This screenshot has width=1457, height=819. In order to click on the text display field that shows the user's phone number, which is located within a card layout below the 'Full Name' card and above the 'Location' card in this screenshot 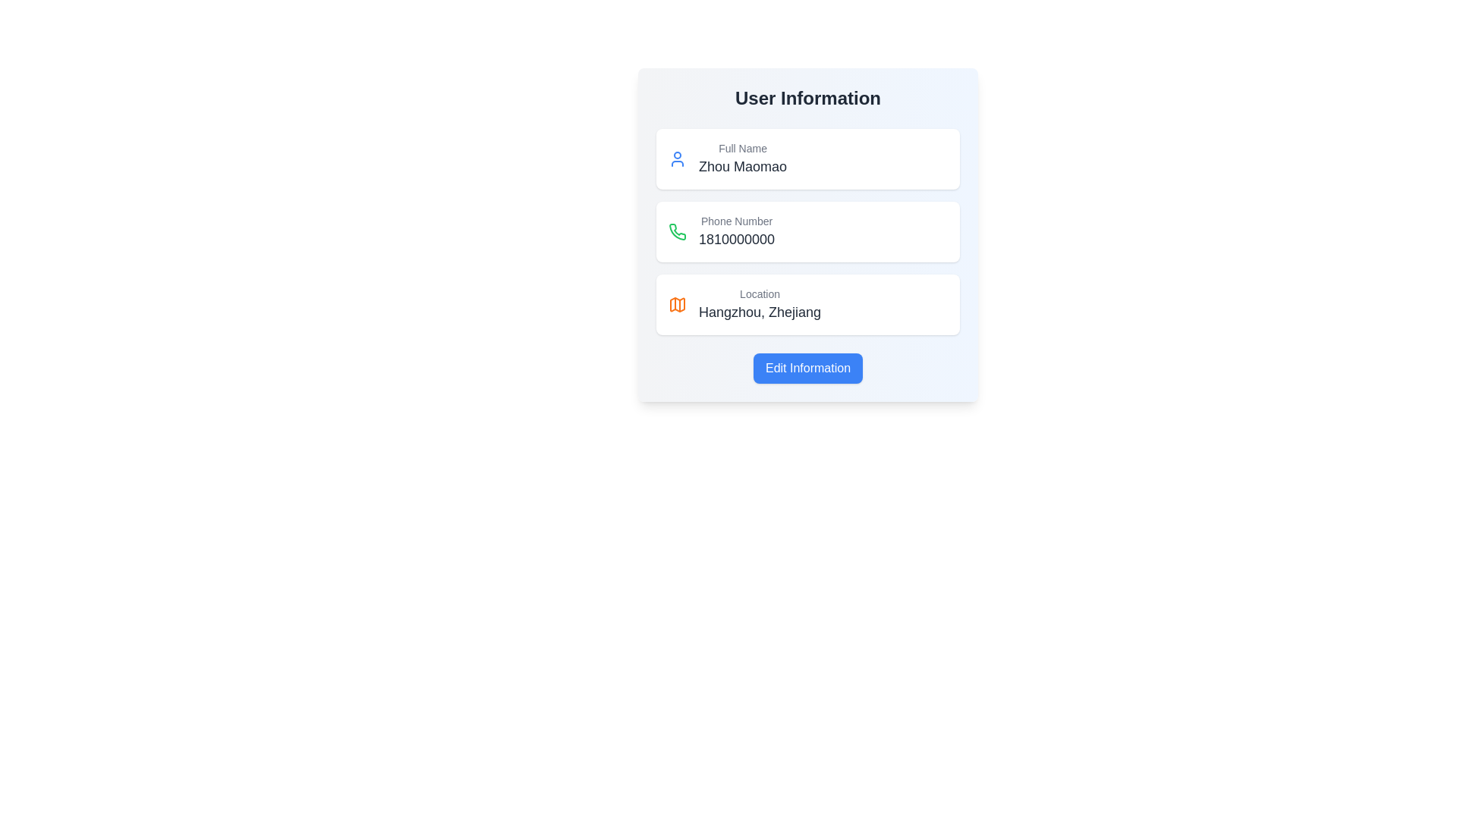, I will do `click(737, 231)`.